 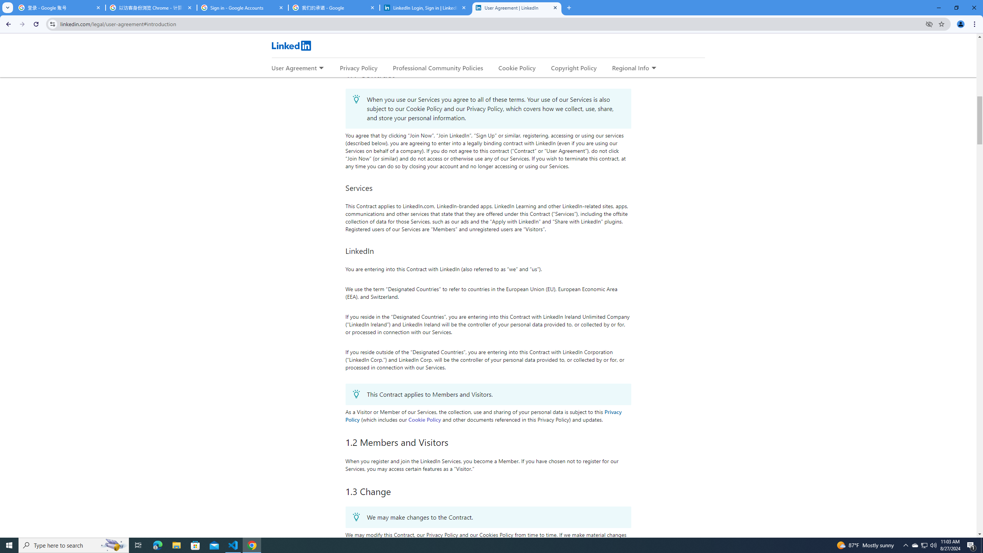 What do you see at coordinates (516, 7) in the screenshot?
I see `'User Agreement | LinkedIn'` at bounding box center [516, 7].